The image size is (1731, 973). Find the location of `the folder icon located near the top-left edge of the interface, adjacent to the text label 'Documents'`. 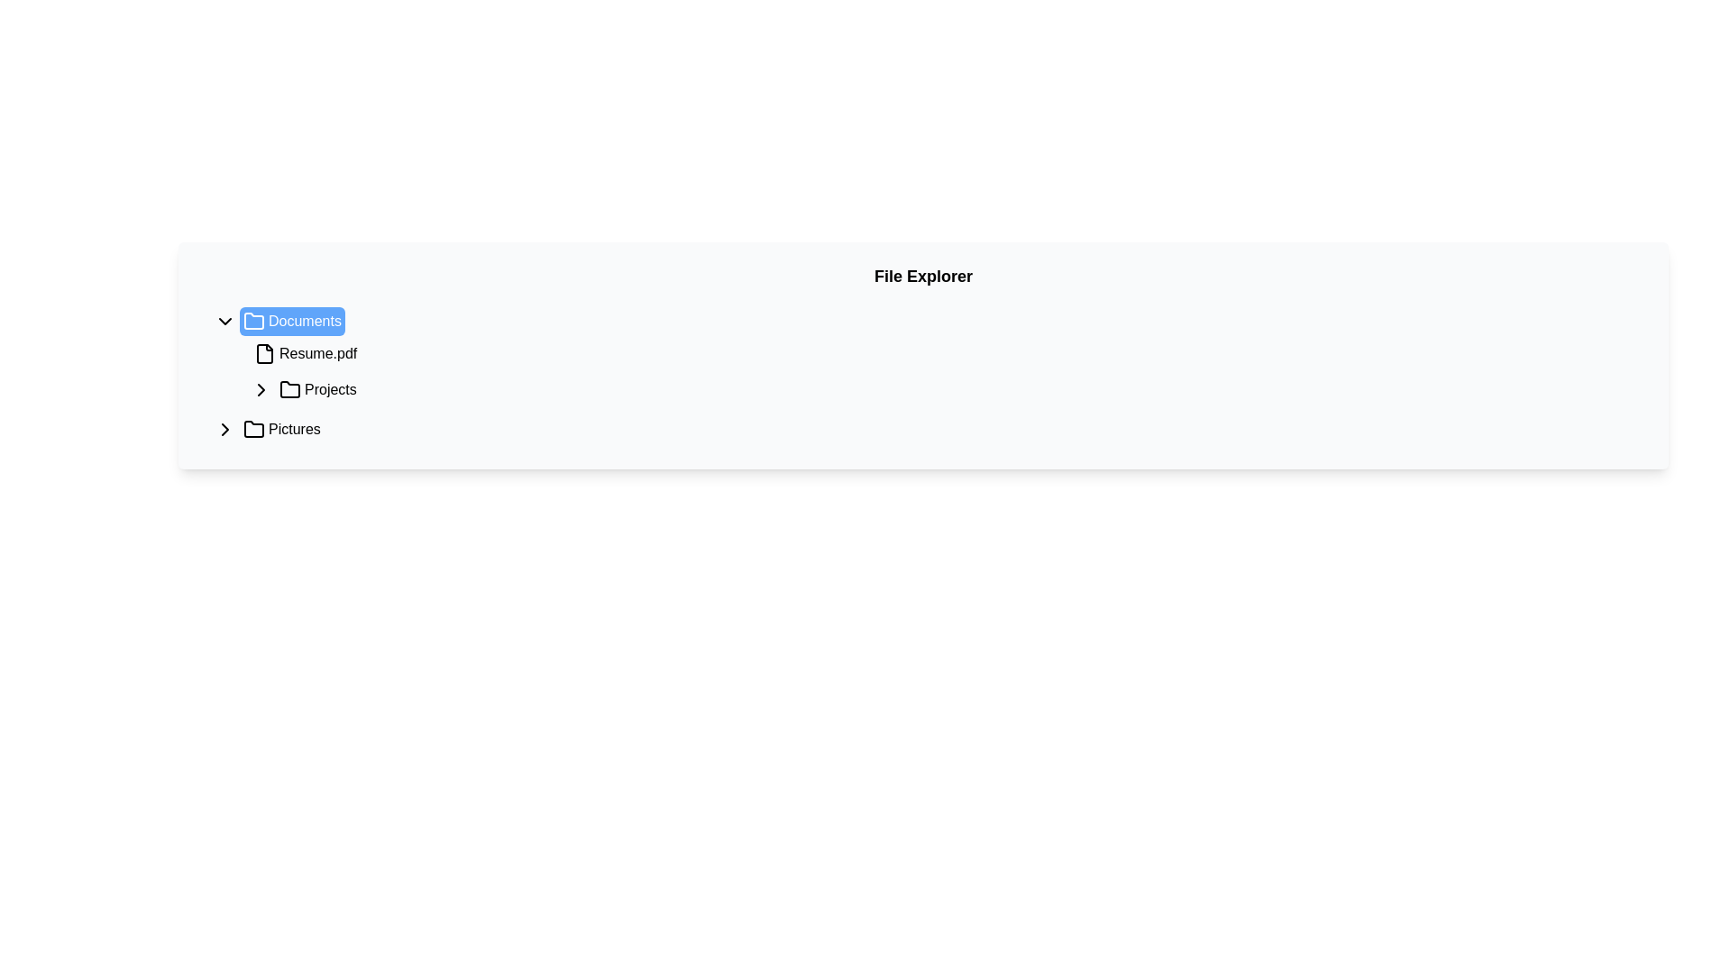

the folder icon located near the top-left edge of the interface, adjacent to the text label 'Documents' is located at coordinates (253, 320).